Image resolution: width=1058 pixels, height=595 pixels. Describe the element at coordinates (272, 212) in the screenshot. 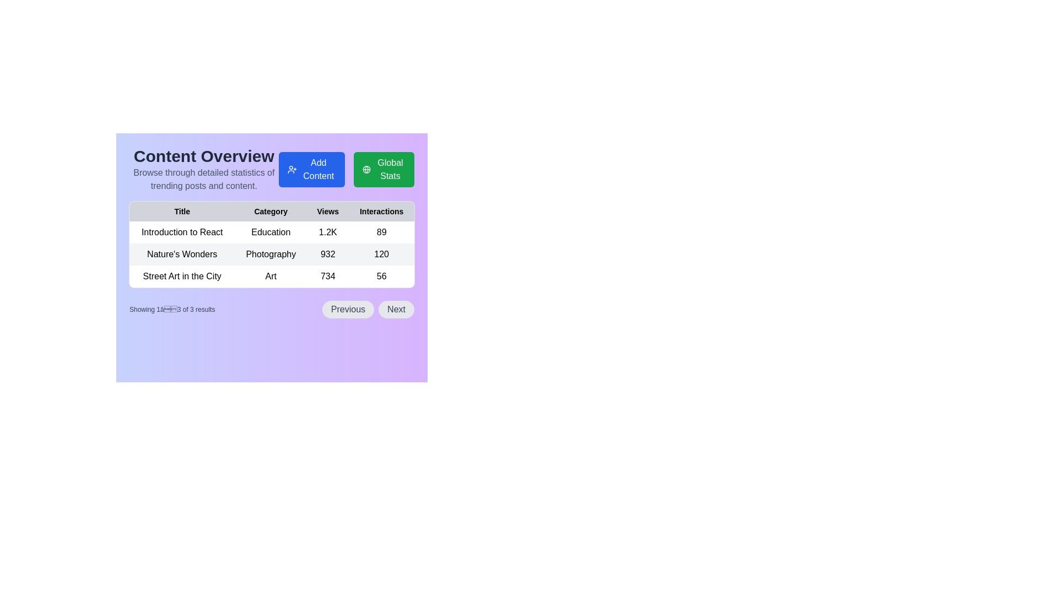

I see `text from the Table Header which includes the columns labeled 'Title', 'Category', 'Views', and 'Interactions'` at that location.